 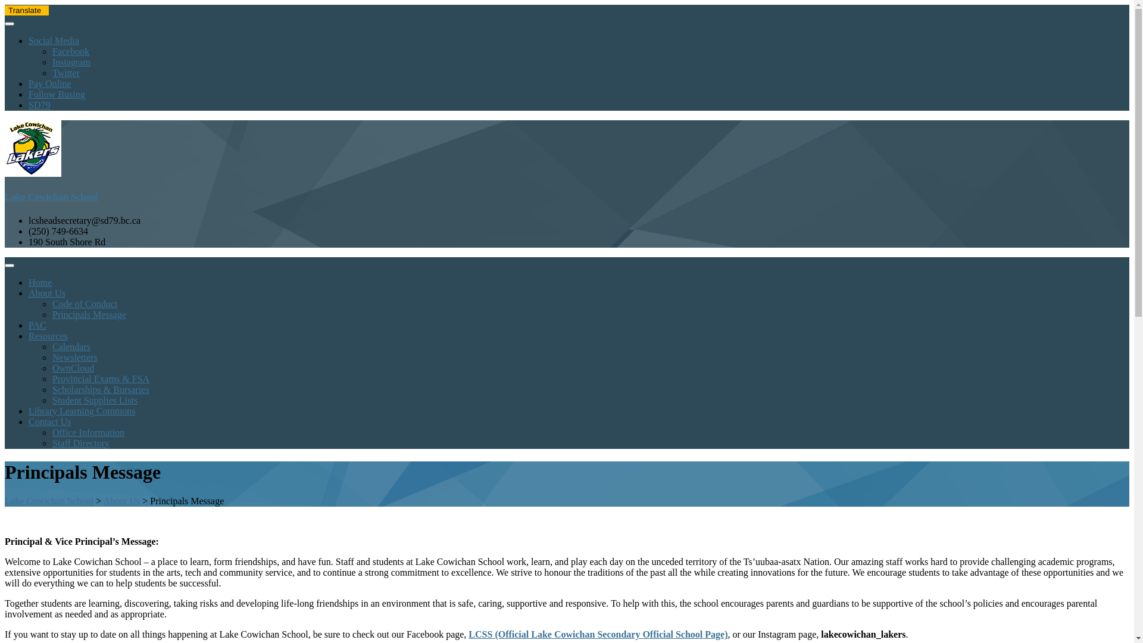 What do you see at coordinates (65, 73) in the screenshot?
I see `'Twitter'` at bounding box center [65, 73].